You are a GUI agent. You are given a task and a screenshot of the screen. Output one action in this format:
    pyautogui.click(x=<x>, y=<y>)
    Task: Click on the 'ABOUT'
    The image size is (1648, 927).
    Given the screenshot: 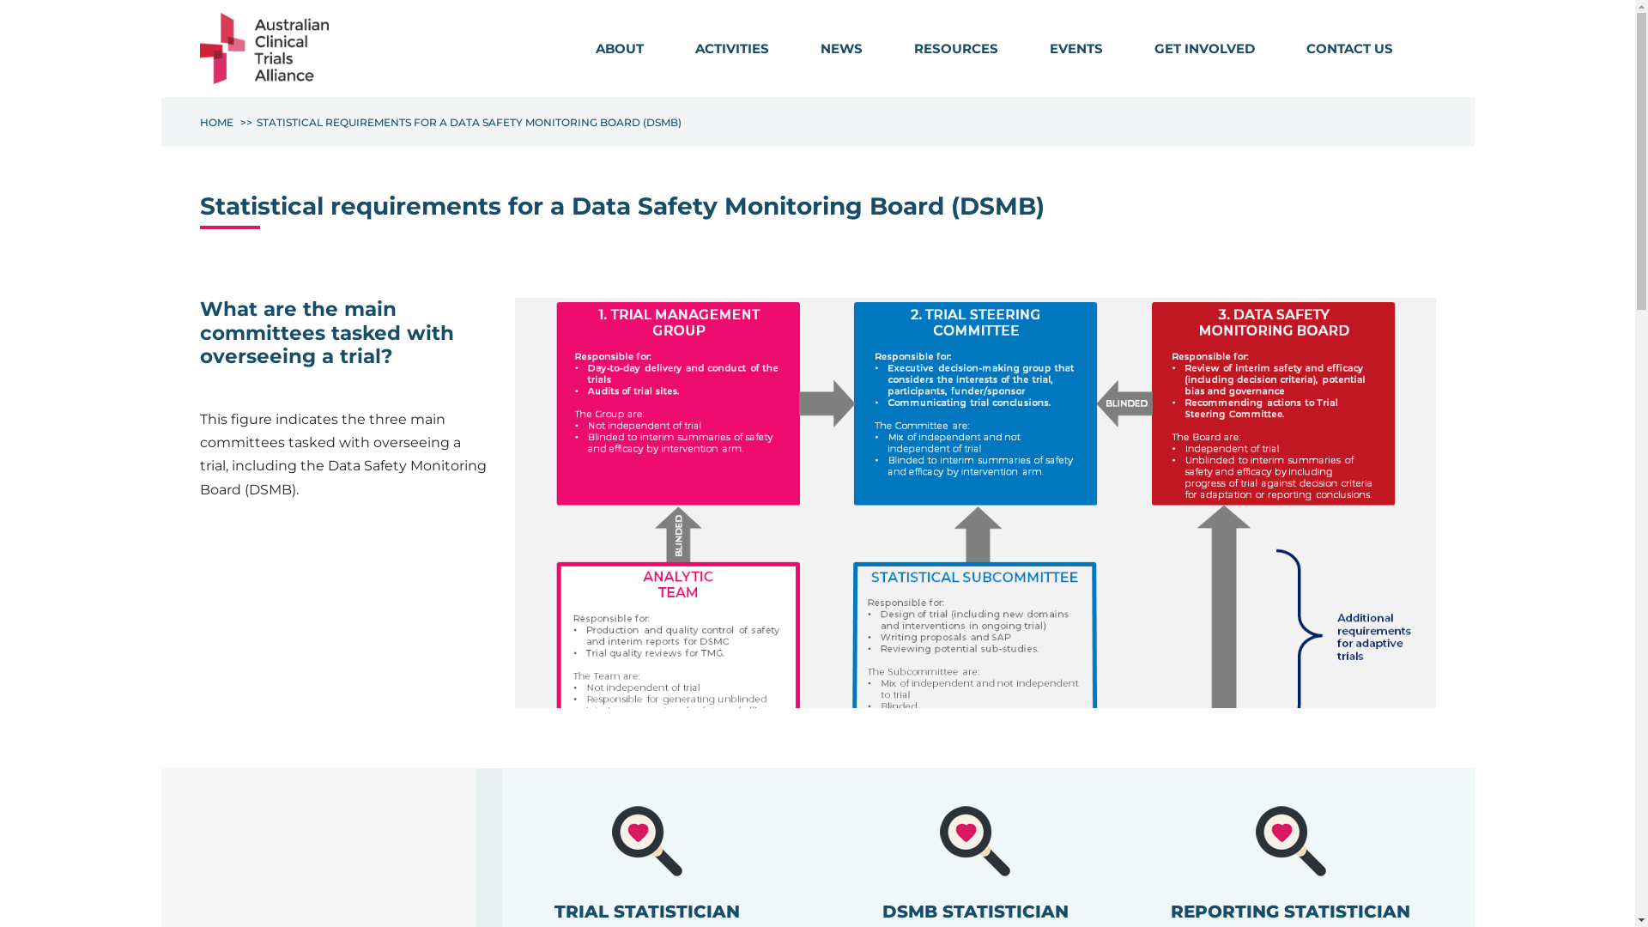 What is the action you would take?
    pyautogui.click(x=569, y=48)
    